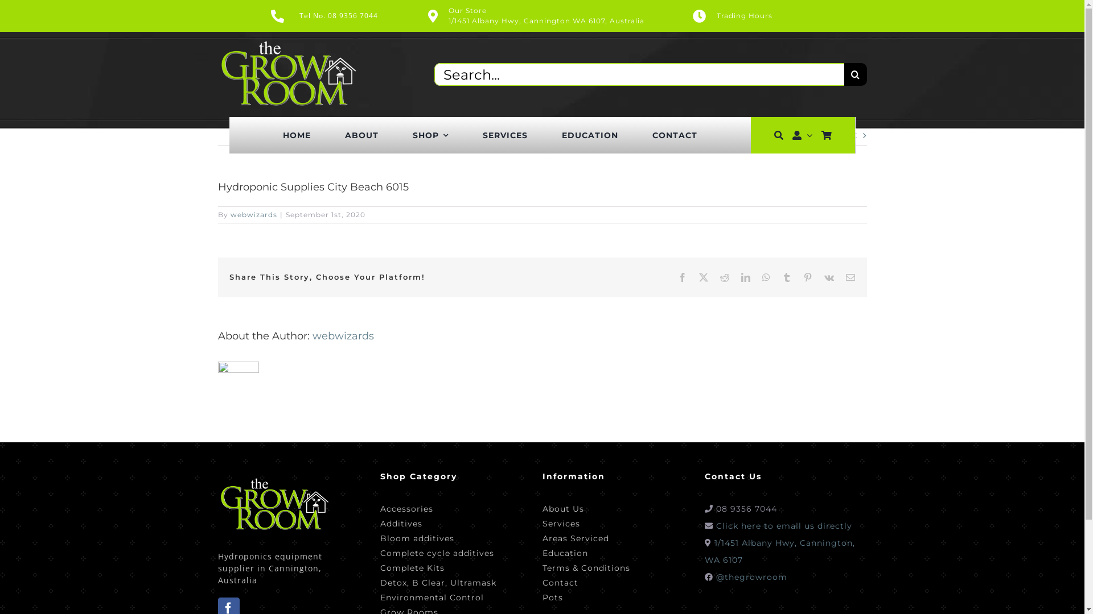 The height and width of the screenshot is (614, 1093). What do you see at coordinates (585, 566) in the screenshot?
I see `'Terms & Conditions'` at bounding box center [585, 566].